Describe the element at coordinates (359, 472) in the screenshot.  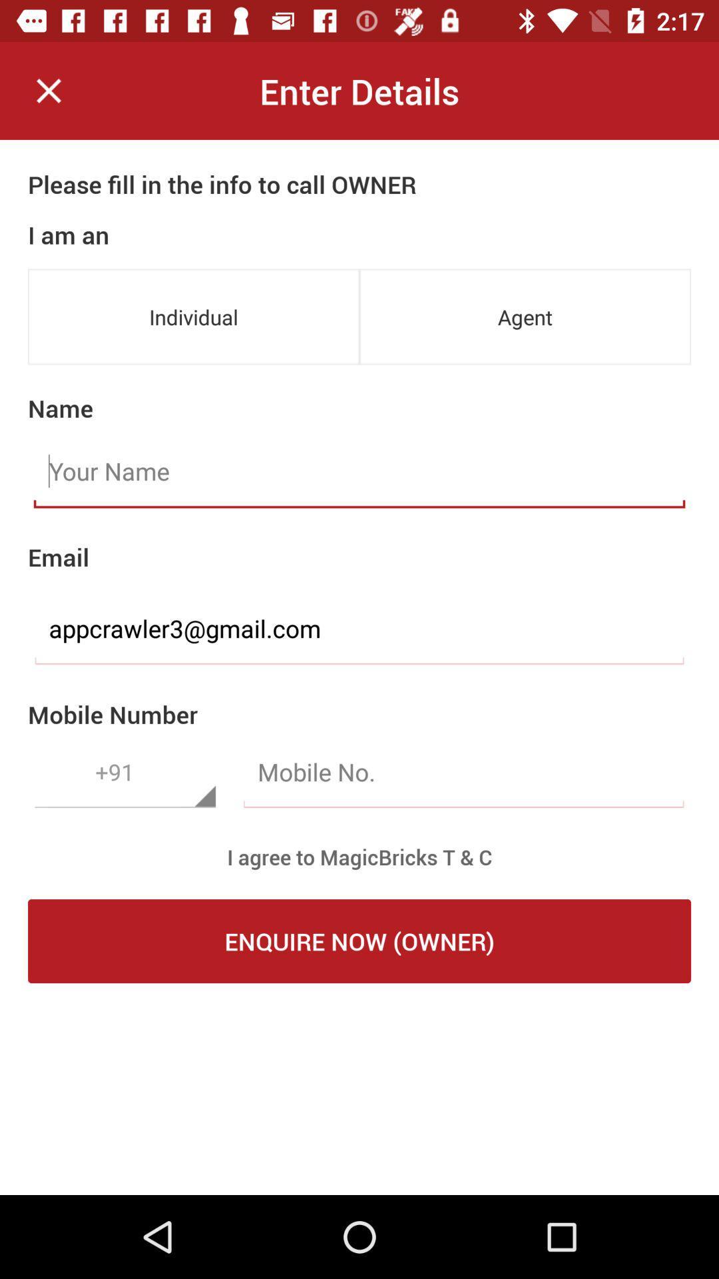
I see `input your name` at that location.